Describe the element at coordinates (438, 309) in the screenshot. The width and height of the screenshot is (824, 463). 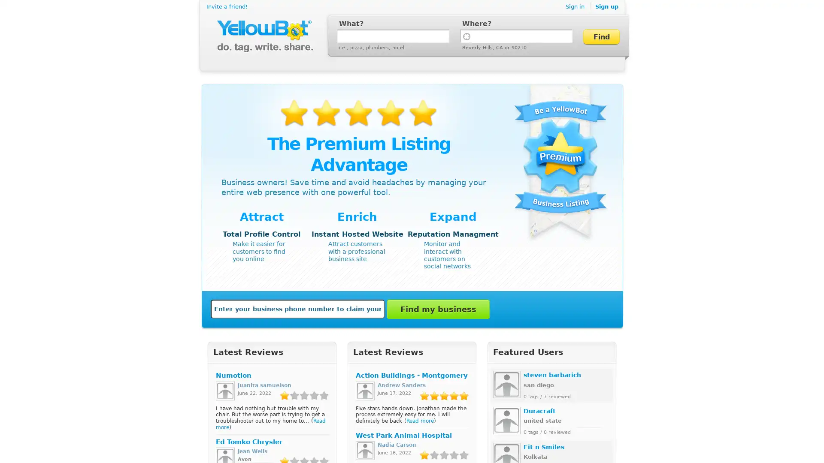
I see `Find my business` at that location.